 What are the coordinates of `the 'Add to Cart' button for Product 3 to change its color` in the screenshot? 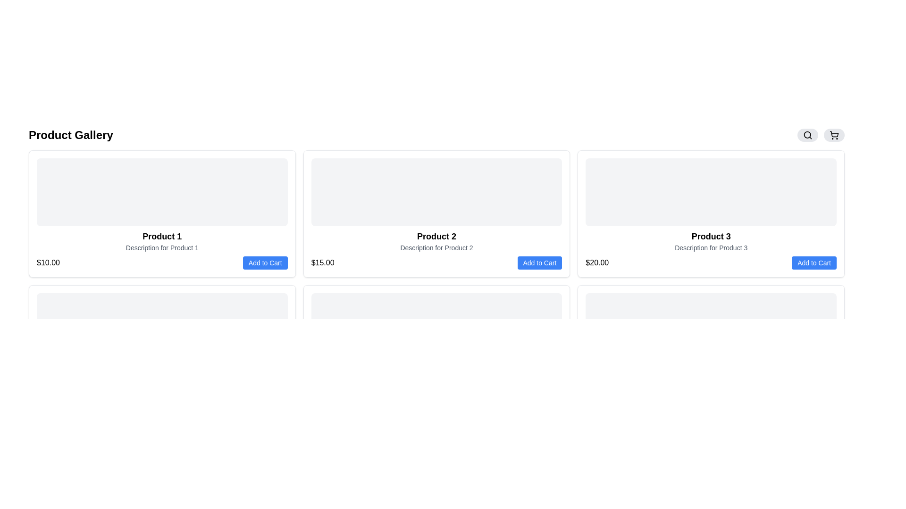 It's located at (814, 263).